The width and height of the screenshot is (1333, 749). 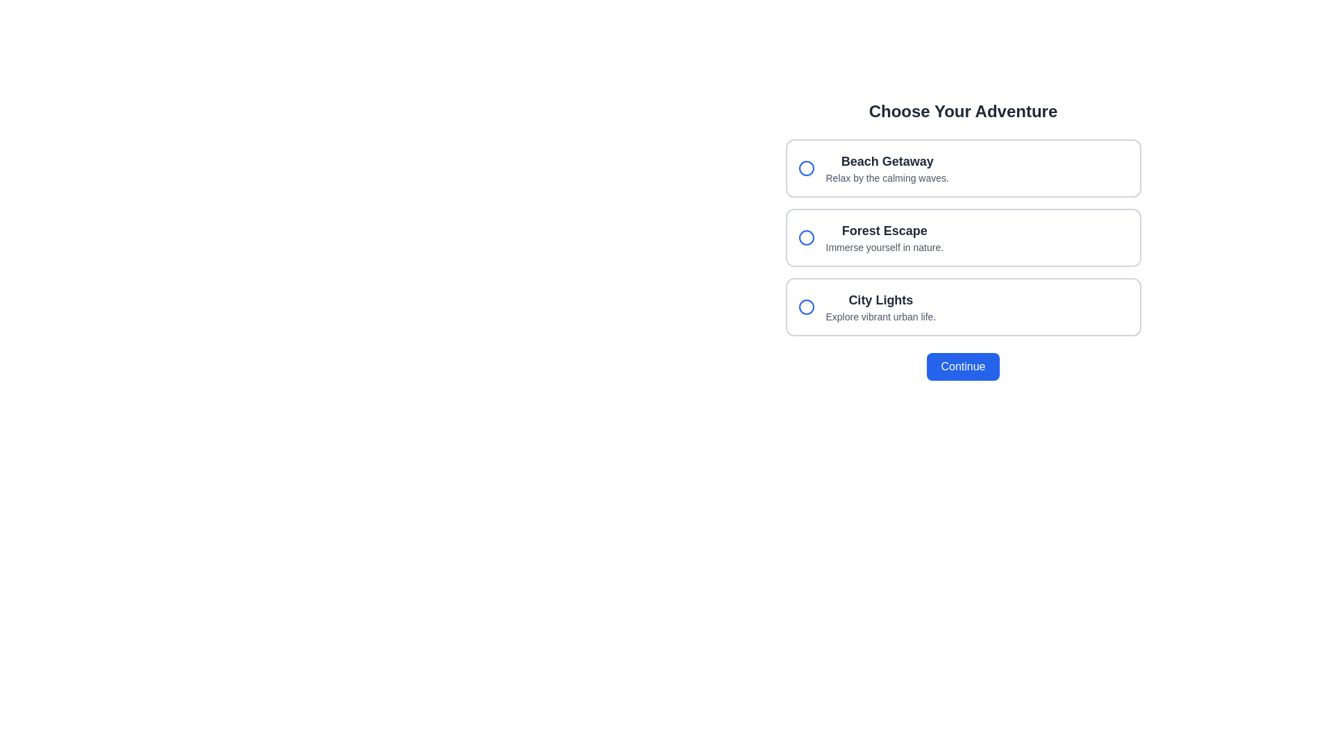 What do you see at coordinates (962, 307) in the screenshot?
I see `the third radio button list item labeled 'City Lights'` at bounding box center [962, 307].